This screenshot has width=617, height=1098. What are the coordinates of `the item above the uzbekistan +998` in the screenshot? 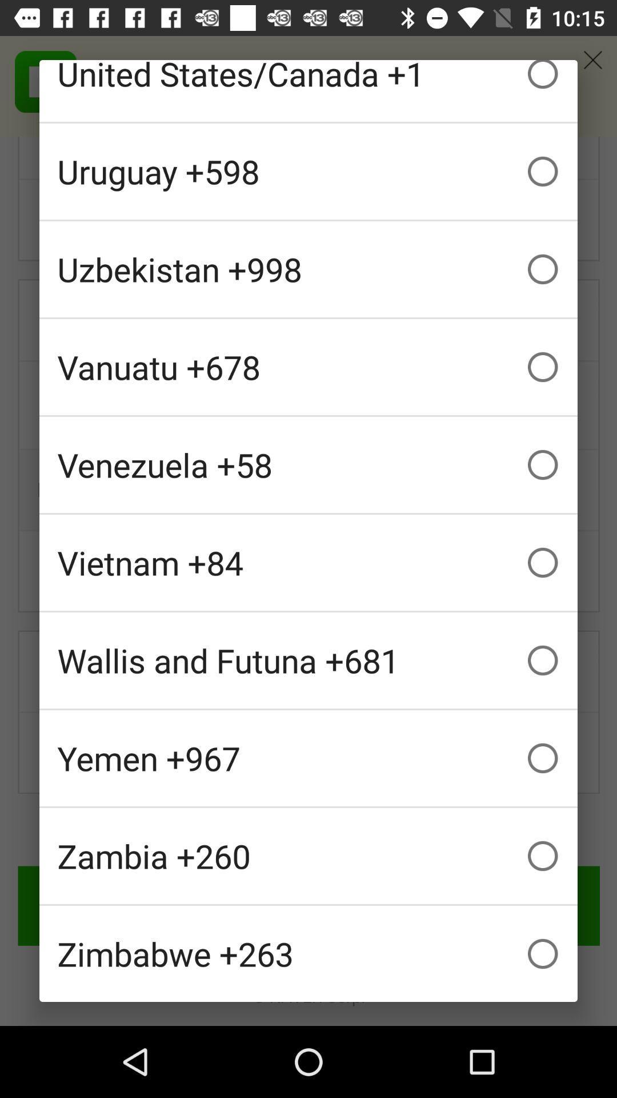 It's located at (308, 170).